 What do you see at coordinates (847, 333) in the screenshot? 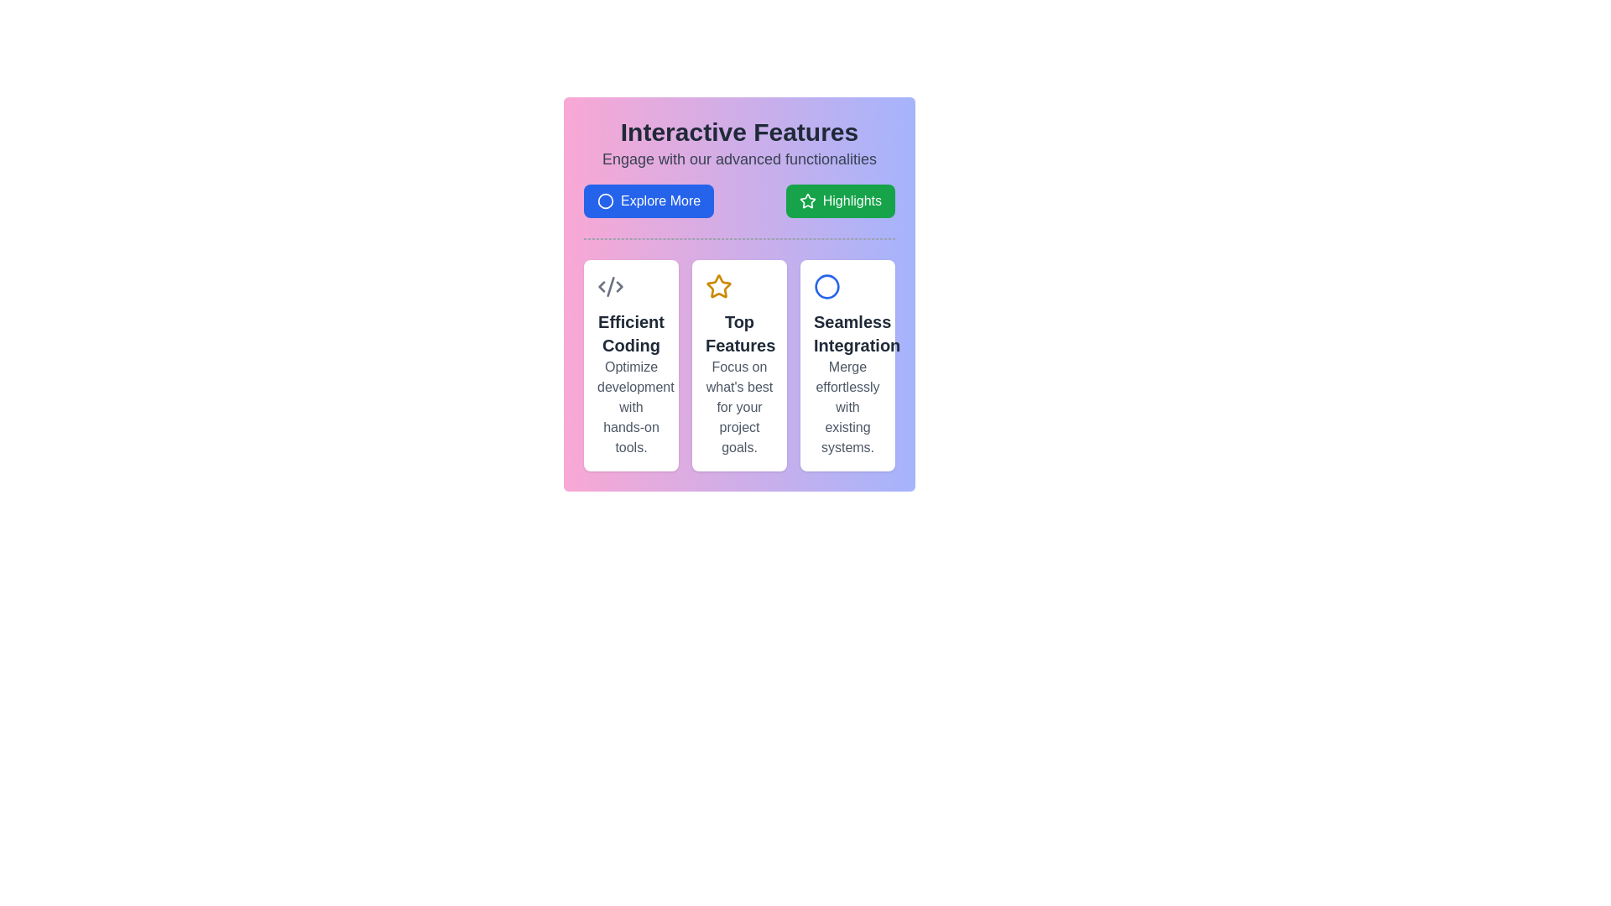
I see `the header text located in the rightmost card of the third column, positioned below a blue circular icon and above a description text` at bounding box center [847, 333].